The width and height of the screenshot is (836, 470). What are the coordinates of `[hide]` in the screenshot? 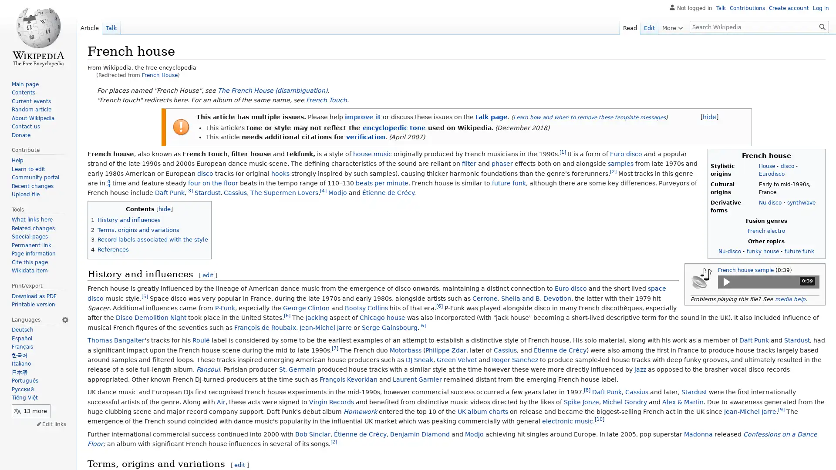 It's located at (709, 116).